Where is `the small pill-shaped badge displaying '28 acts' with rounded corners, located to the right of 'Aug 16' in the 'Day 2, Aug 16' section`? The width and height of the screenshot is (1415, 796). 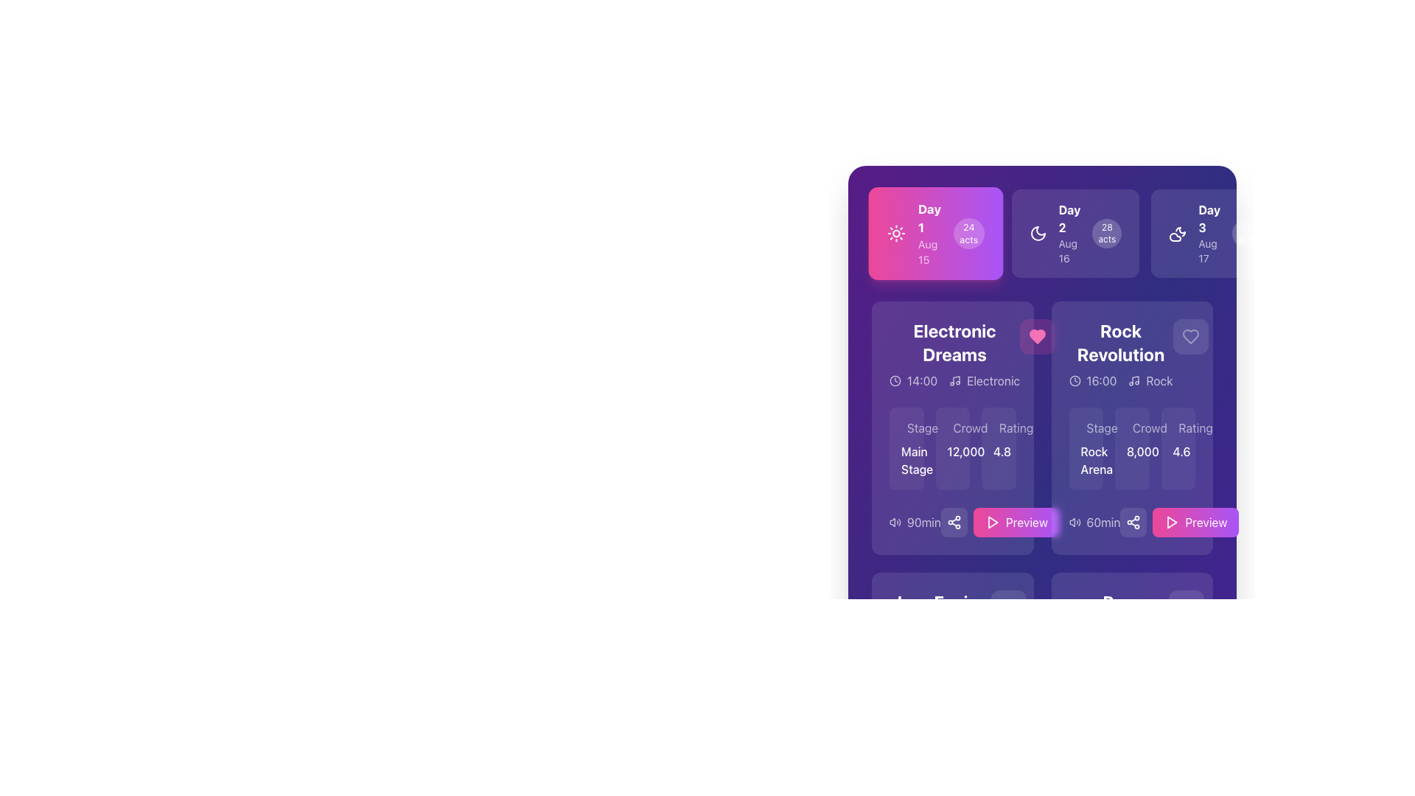
the small pill-shaped badge displaying '28 acts' with rounded corners, located to the right of 'Aug 16' in the 'Day 2, Aug 16' section is located at coordinates (1107, 232).